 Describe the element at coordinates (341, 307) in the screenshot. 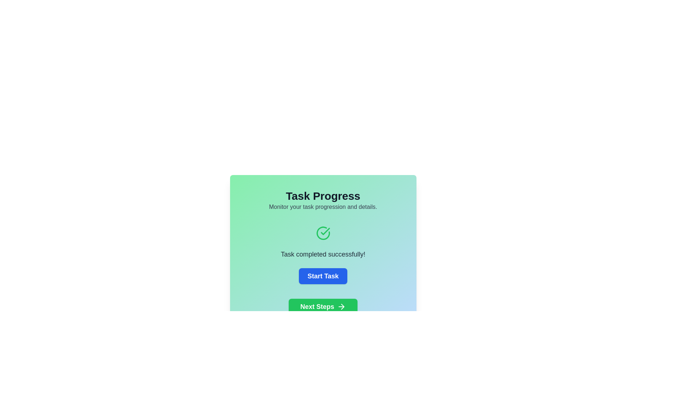

I see `the right-pointing arrow icon with a green background located to the right of the 'Next Steps' button` at that location.